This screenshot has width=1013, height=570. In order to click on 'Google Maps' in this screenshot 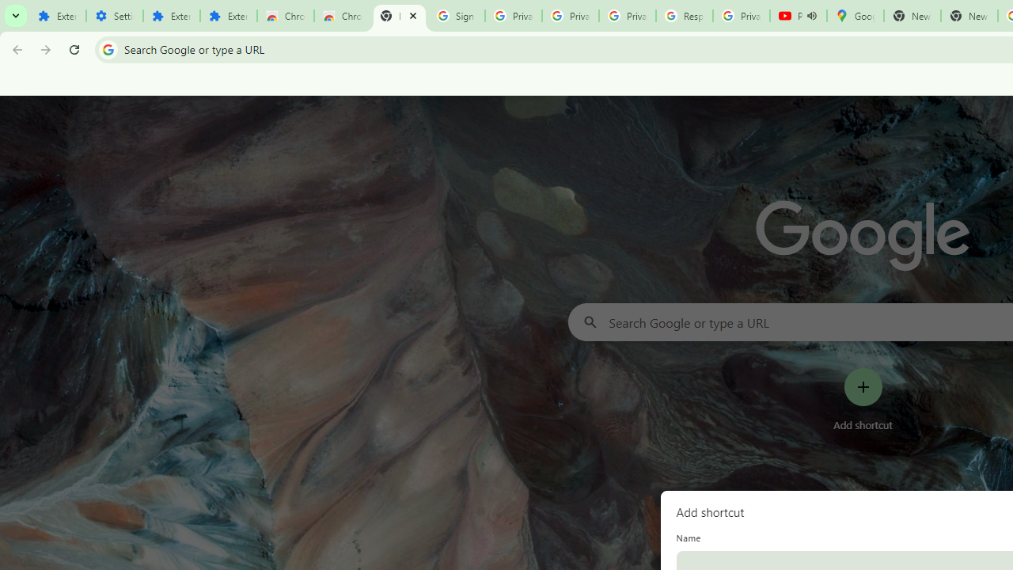, I will do `click(854, 16)`.